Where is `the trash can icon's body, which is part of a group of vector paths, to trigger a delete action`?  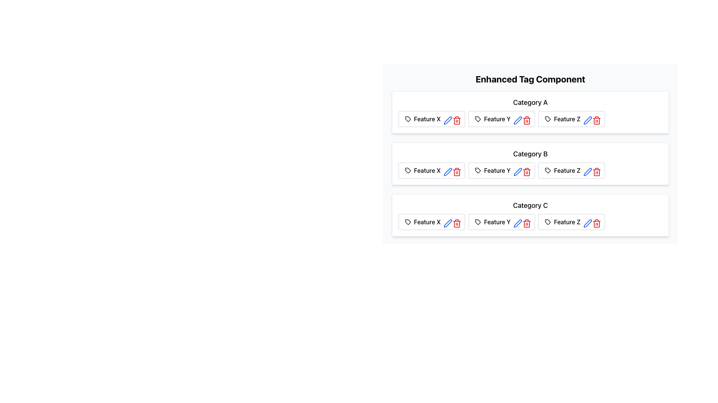 the trash can icon's body, which is part of a group of vector paths, to trigger a delete action is located at coordinates (596, 224).